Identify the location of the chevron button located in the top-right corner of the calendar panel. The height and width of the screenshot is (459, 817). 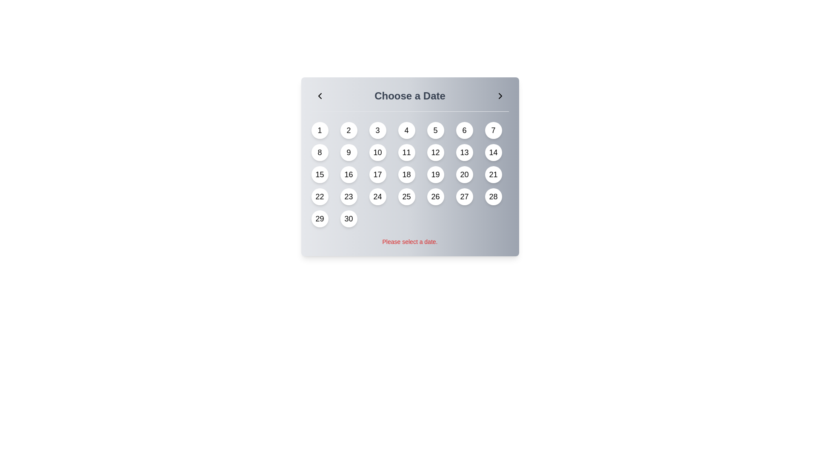
(500, 96).